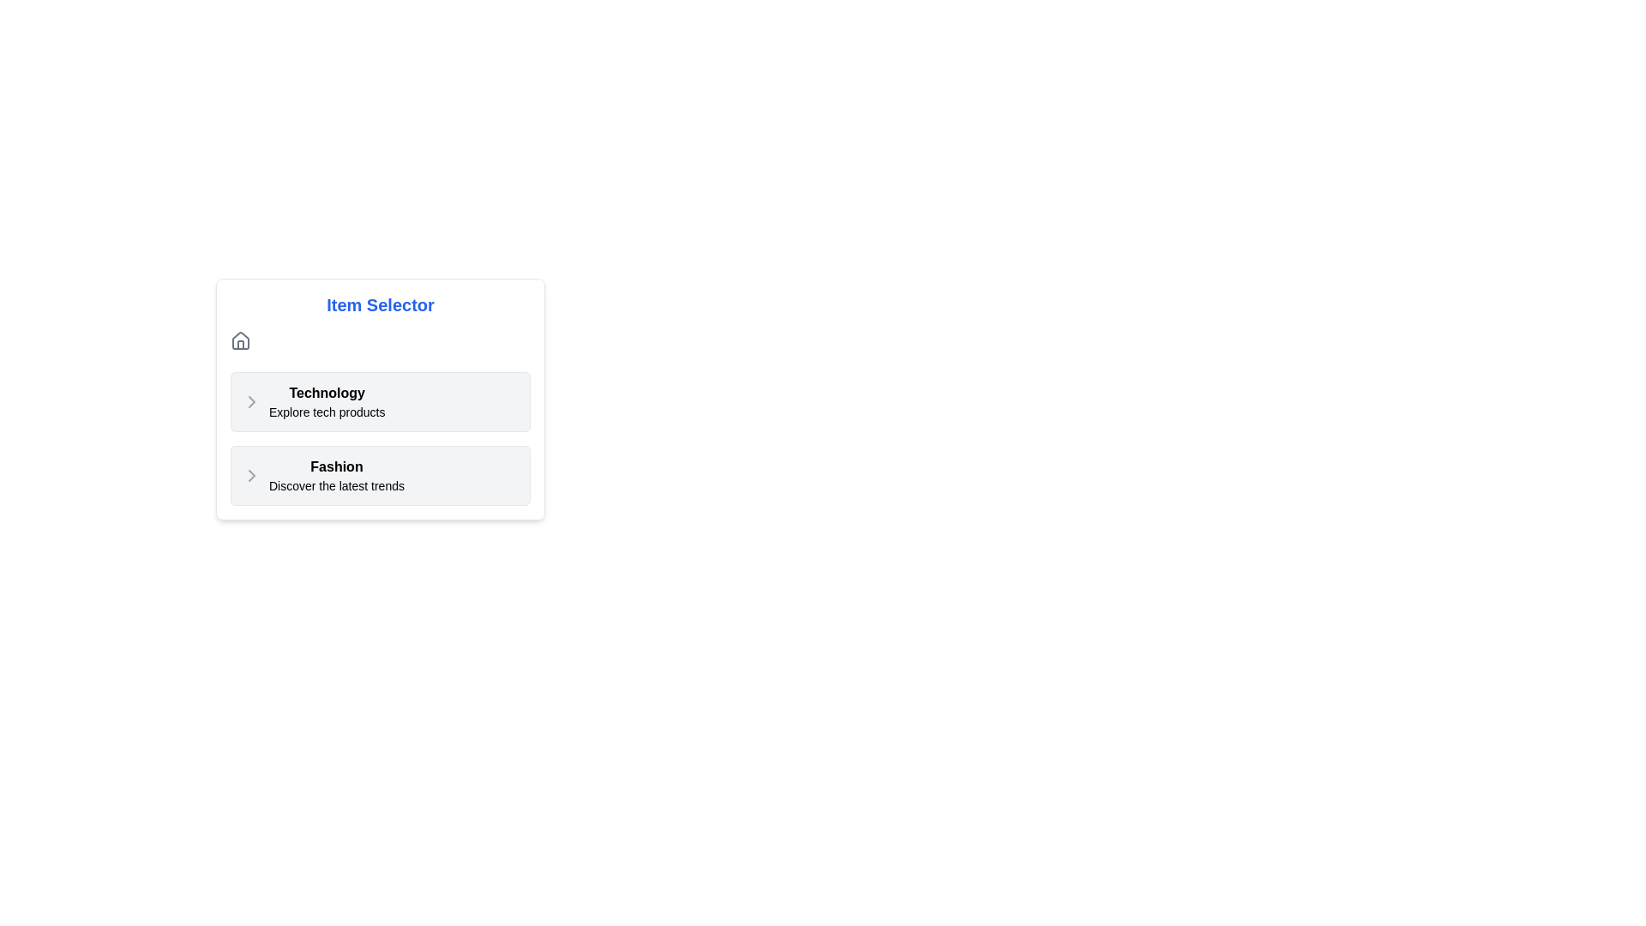 The width and height of the screenshot is (1646, 926). I want to click on the home icon located at the top-left corner of the 'Item Selector' interface, so click(240, 340).